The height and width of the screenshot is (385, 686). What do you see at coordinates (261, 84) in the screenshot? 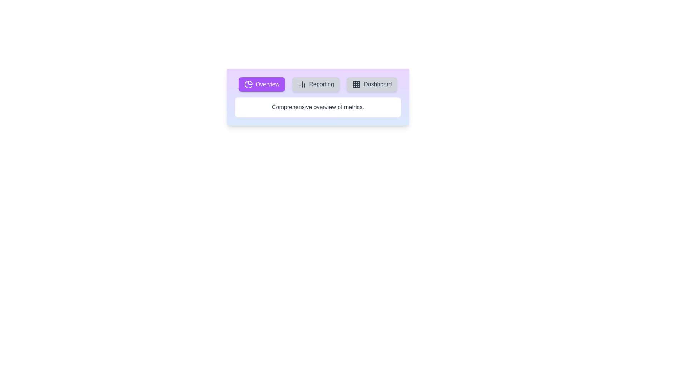
I see `the tab labeled Overview` at bounding box center [261, 84].